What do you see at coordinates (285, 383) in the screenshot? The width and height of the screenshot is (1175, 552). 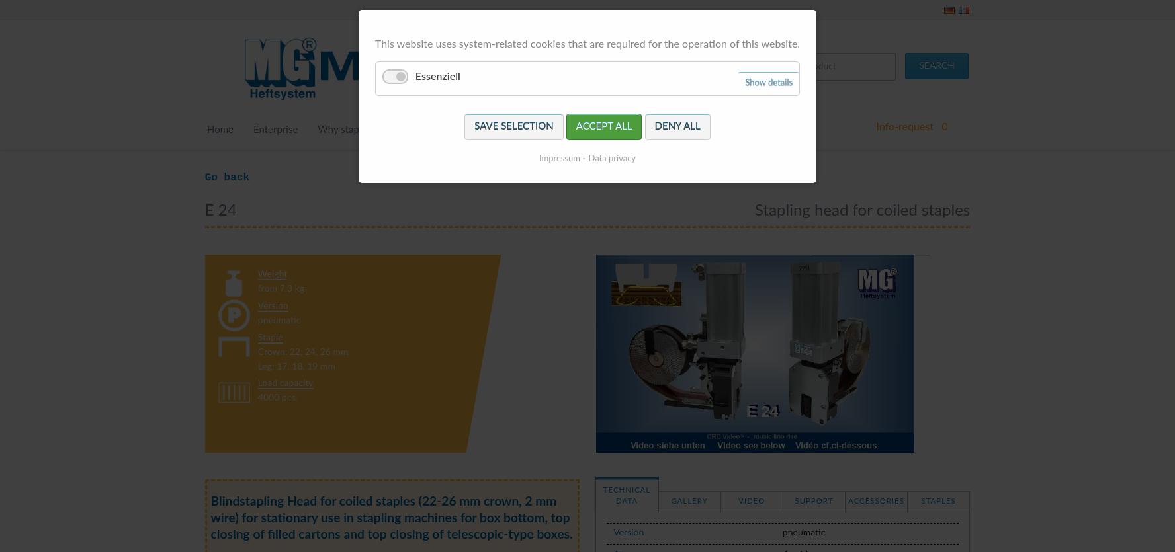 I see `'Load capacity'` at bounding box center [285, 383].